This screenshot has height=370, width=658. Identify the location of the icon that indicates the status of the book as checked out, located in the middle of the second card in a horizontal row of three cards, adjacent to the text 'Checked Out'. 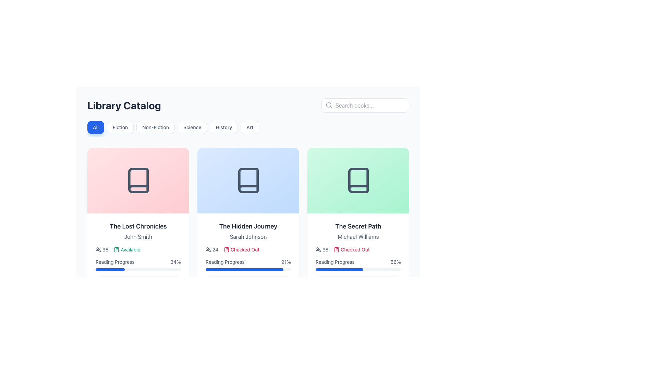
(226, 250).